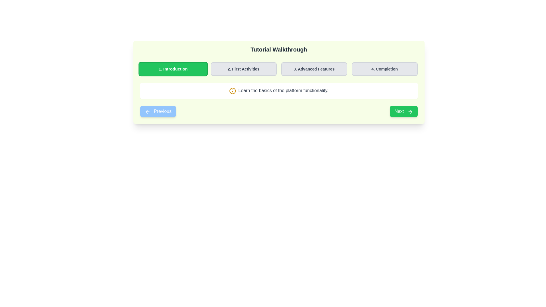 This screenshot has width=546, height=307. I want to click on keyboard navigation, so click(410, 111).